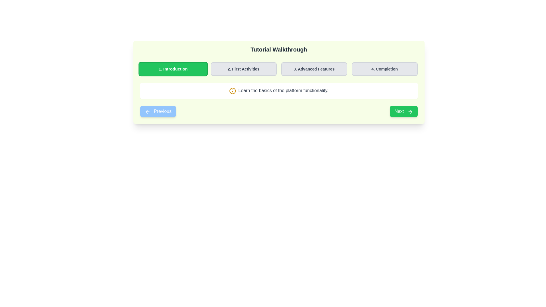 This screenshot has width=546, height=307. I want to click on keyboard navigation, so click(410, 111).